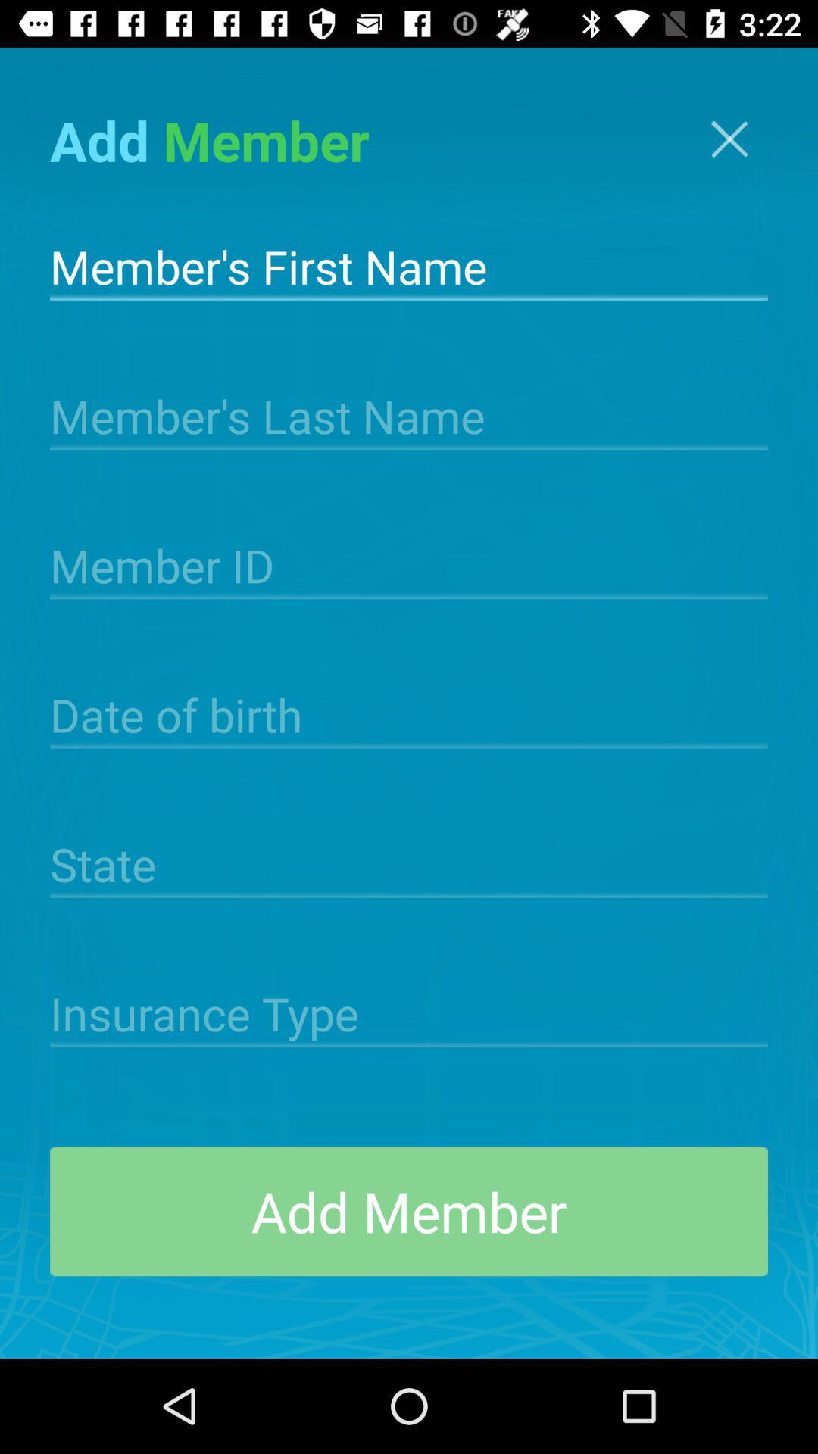  What do you see at coordinates (729, 139) in the screenshot?
I see `item to the right of the add member` at bounding box center [729, 139].